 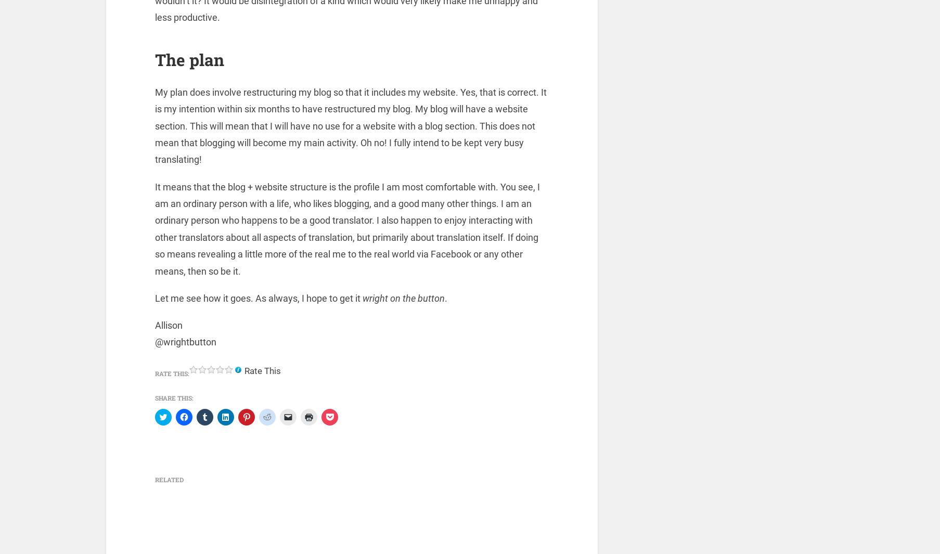 I want to click on '@wrightbutton', so click(x=185, y=344).